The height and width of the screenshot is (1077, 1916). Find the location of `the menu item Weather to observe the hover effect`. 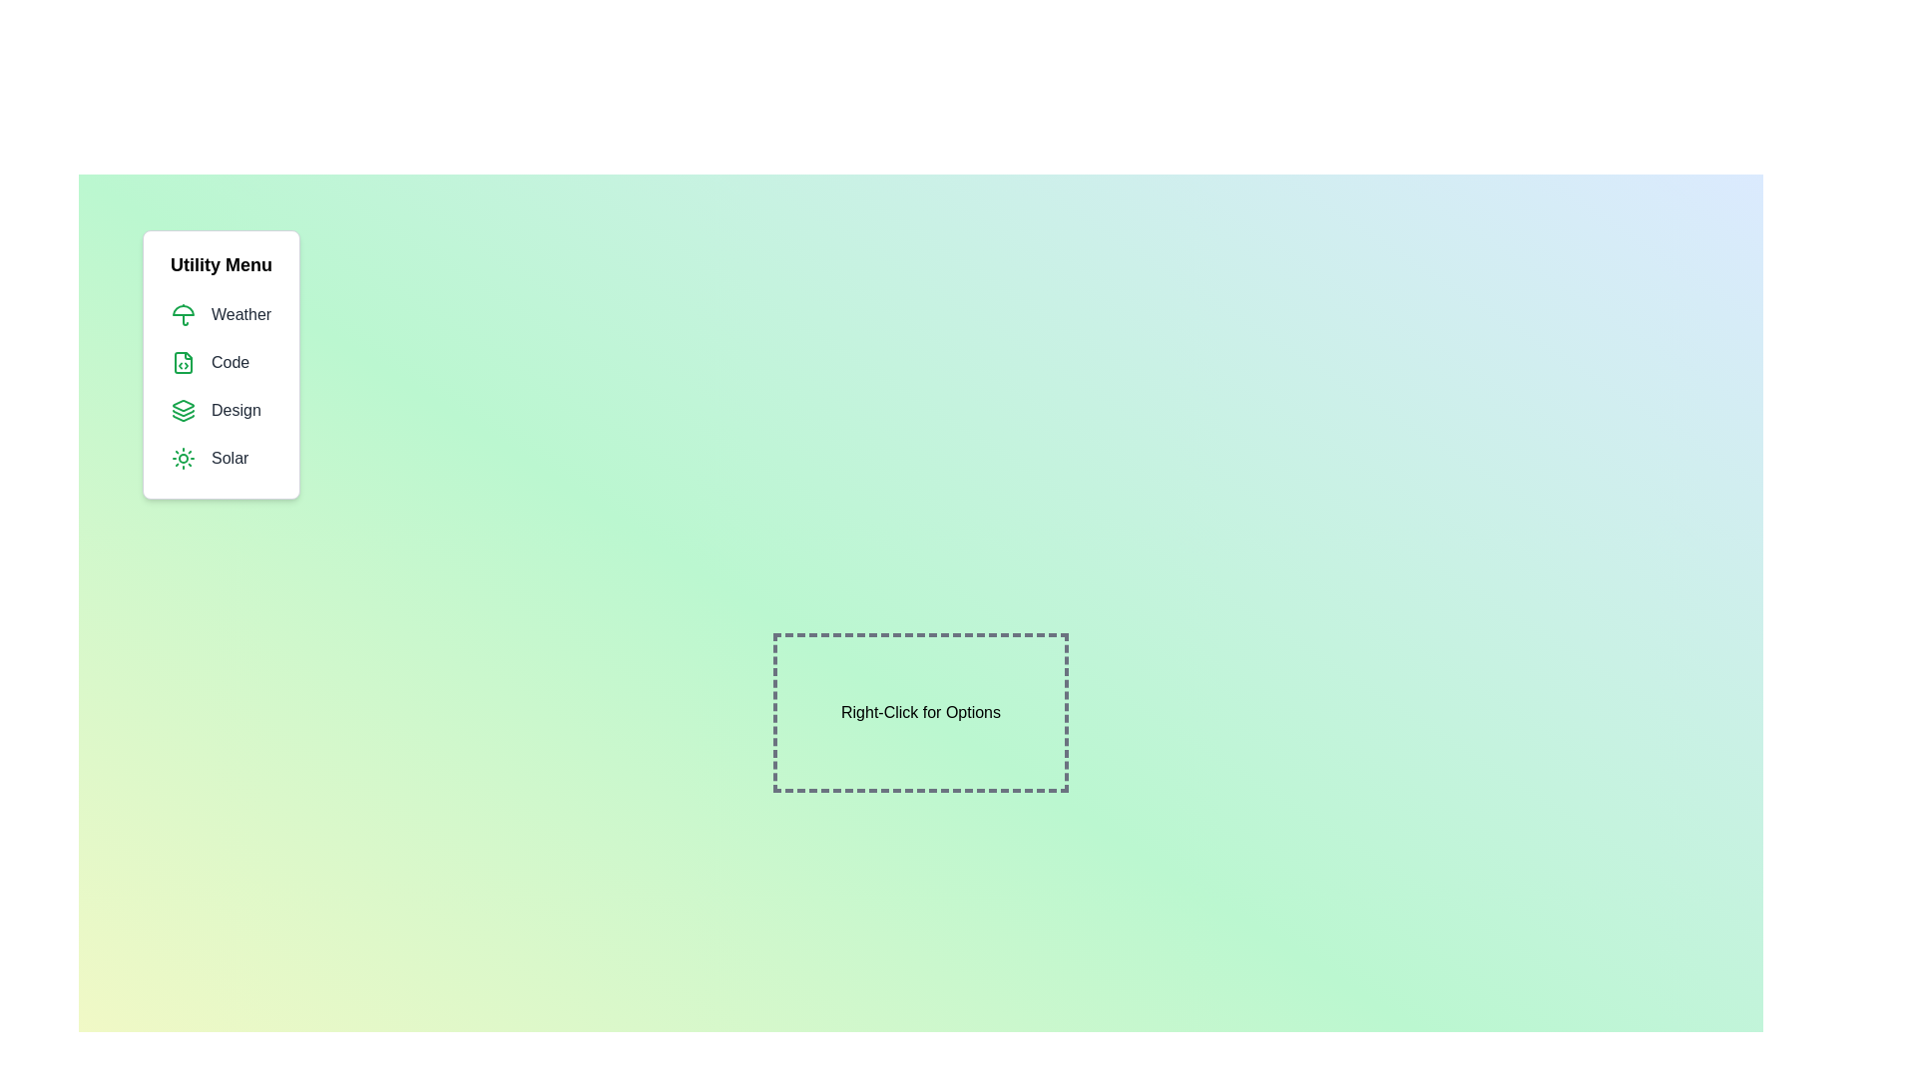

the menu item Weather to observe the hover effect is located at coordinates (221, 314).